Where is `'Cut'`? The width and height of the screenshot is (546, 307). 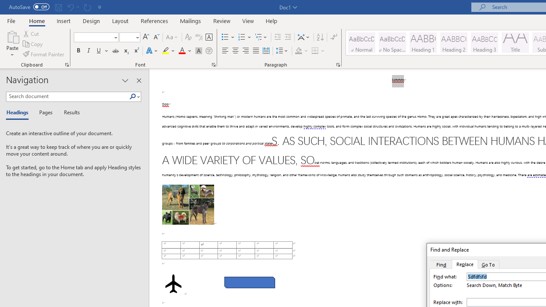 'Cut' is located at coordinates (32, 33).